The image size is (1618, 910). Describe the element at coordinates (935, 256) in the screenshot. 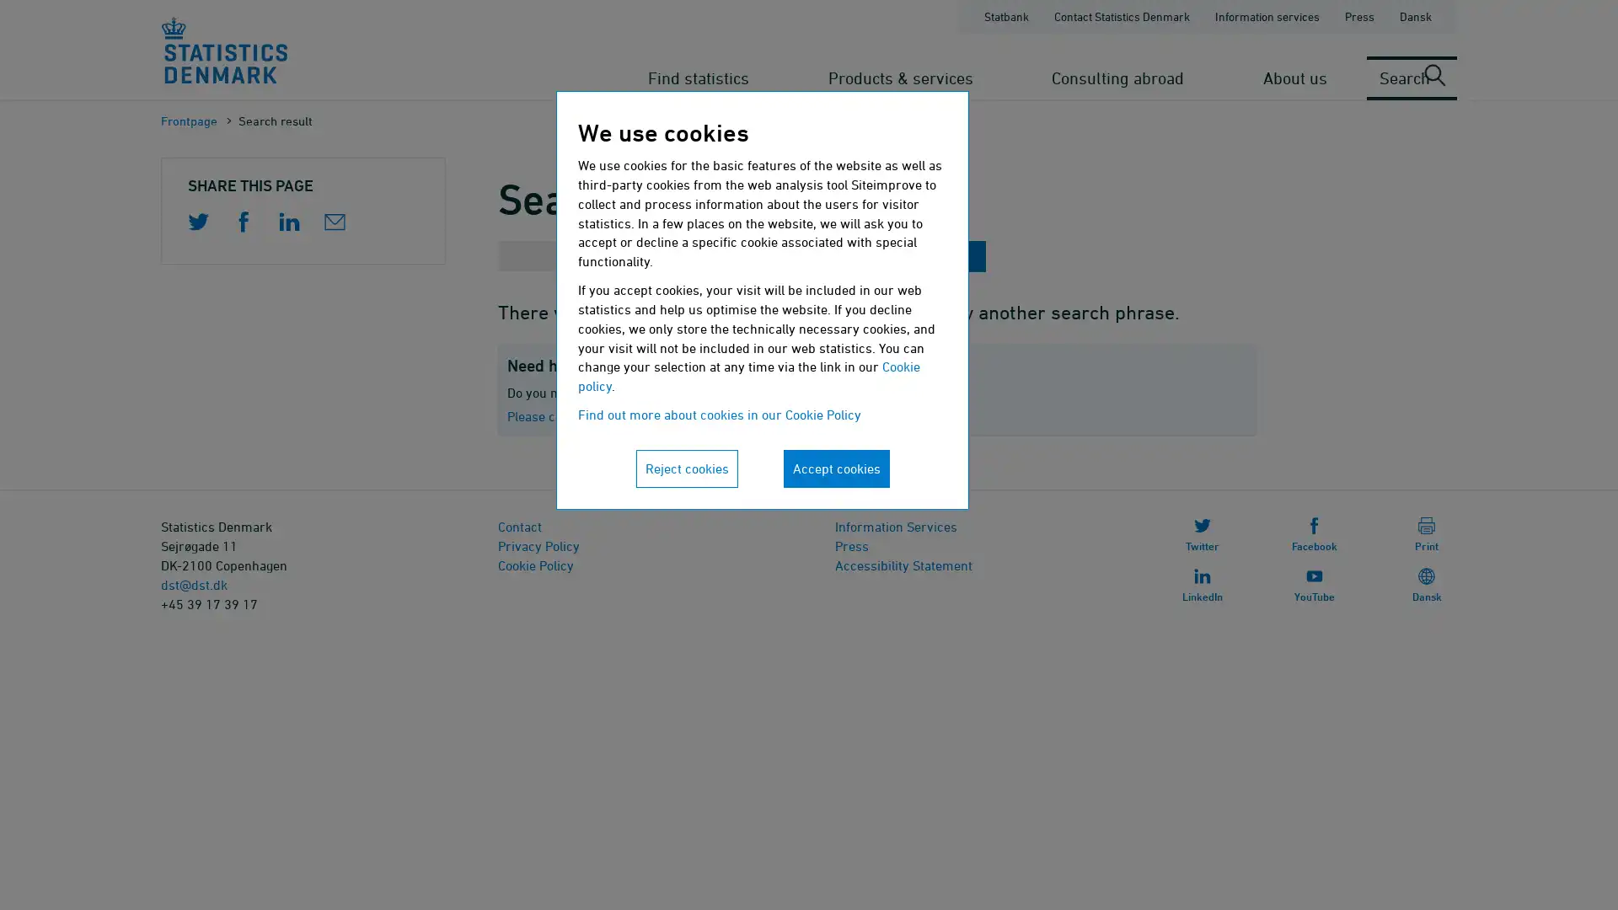

I see `Search` at that location.